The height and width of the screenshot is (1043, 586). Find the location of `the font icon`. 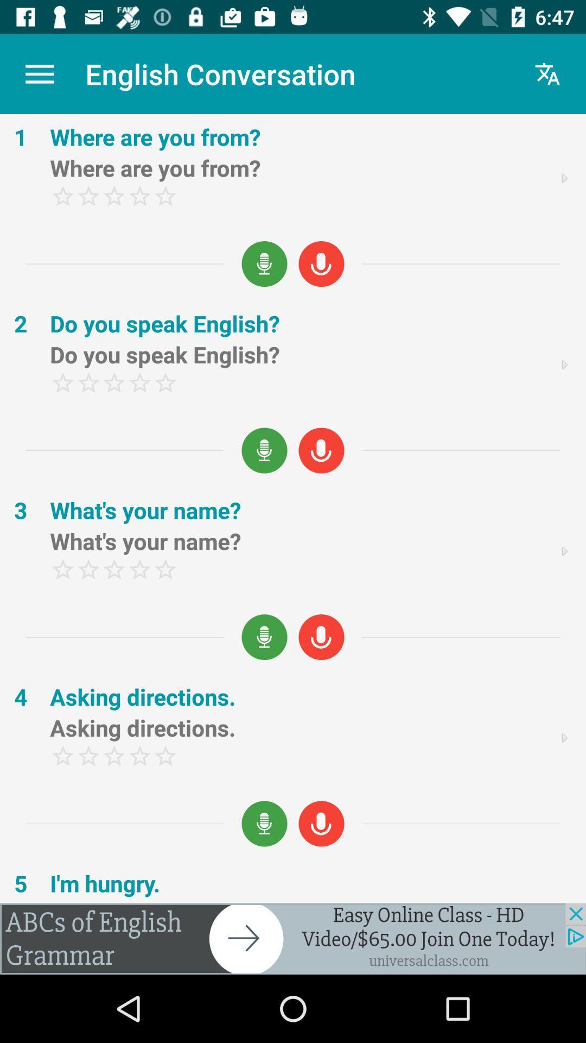

the font icon is located at coordinates (547, 73).